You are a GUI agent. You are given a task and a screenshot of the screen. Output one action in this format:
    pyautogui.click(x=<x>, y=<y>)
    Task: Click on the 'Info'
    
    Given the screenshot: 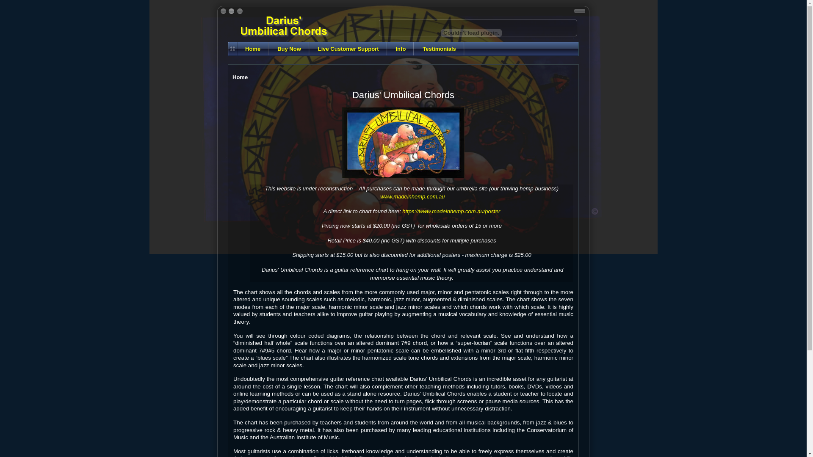 What is the action you would take?
    pyautogui.click(x=400, y=49)
    